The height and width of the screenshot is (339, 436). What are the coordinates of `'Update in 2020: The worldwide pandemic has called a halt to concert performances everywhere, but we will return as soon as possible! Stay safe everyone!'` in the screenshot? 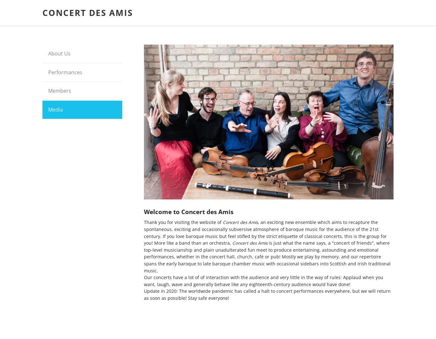 It's located at (267, 295).